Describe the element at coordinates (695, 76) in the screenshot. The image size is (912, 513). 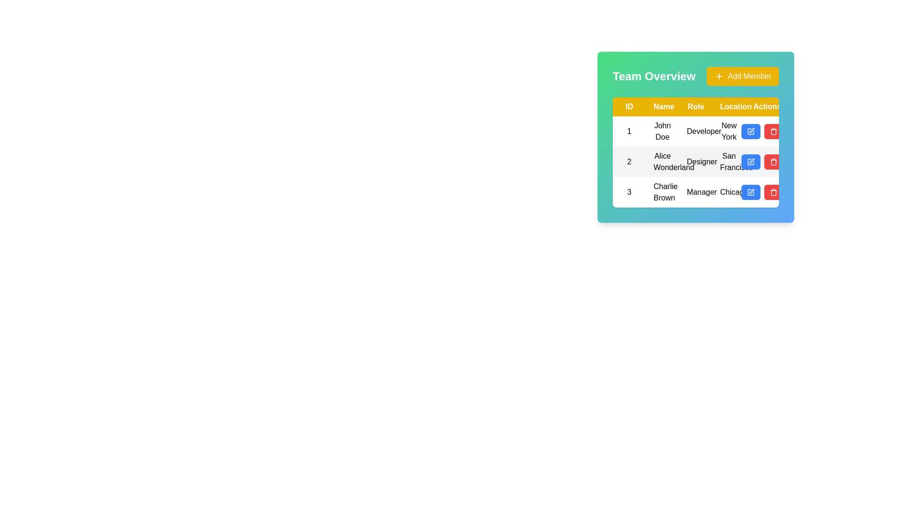
I see `the 'Team Overview' title in the header and button group` at that location.